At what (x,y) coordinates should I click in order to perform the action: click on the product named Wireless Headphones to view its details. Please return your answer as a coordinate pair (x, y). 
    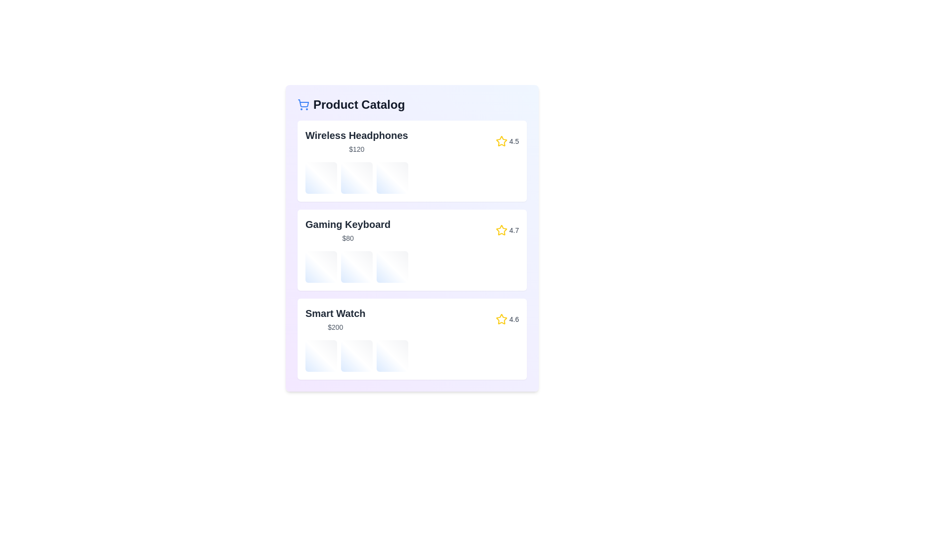
    Looking at the image, I should click on (412, 161).